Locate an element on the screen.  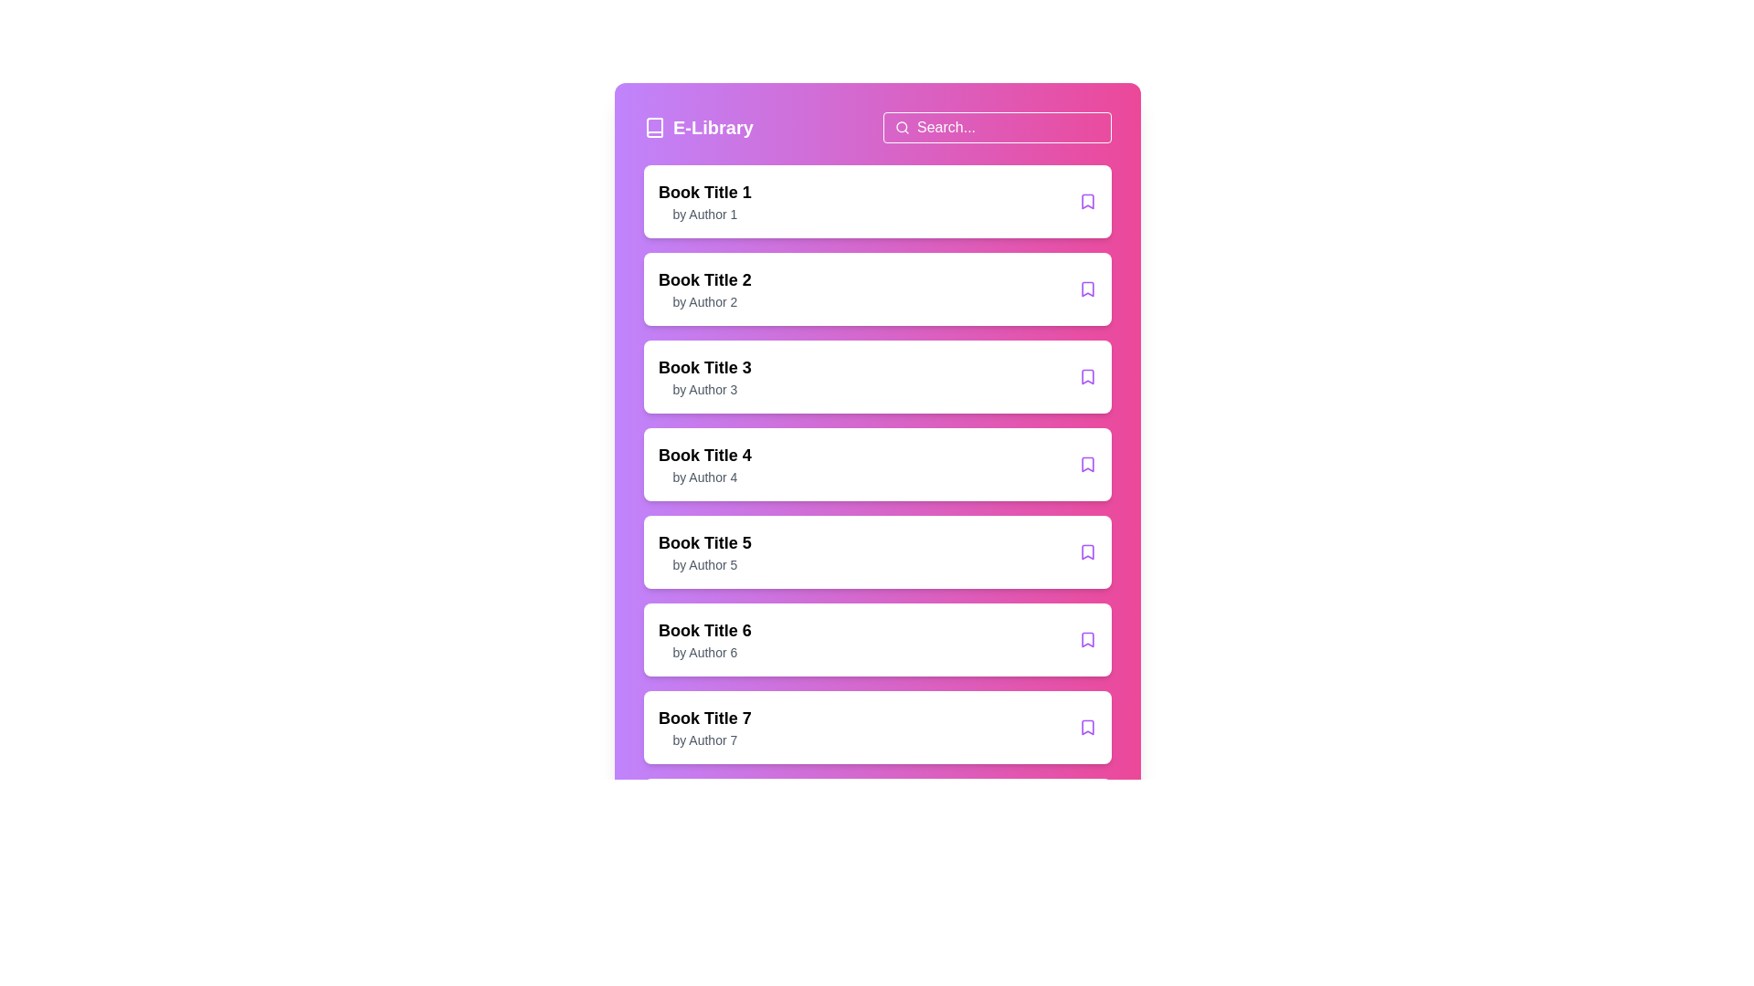
the text label that reads 'by Author 7', which is positioned beneath 'Book Title 7' in the book entry card, located in the seventh position of the list view is located at coordinates (703, 739).